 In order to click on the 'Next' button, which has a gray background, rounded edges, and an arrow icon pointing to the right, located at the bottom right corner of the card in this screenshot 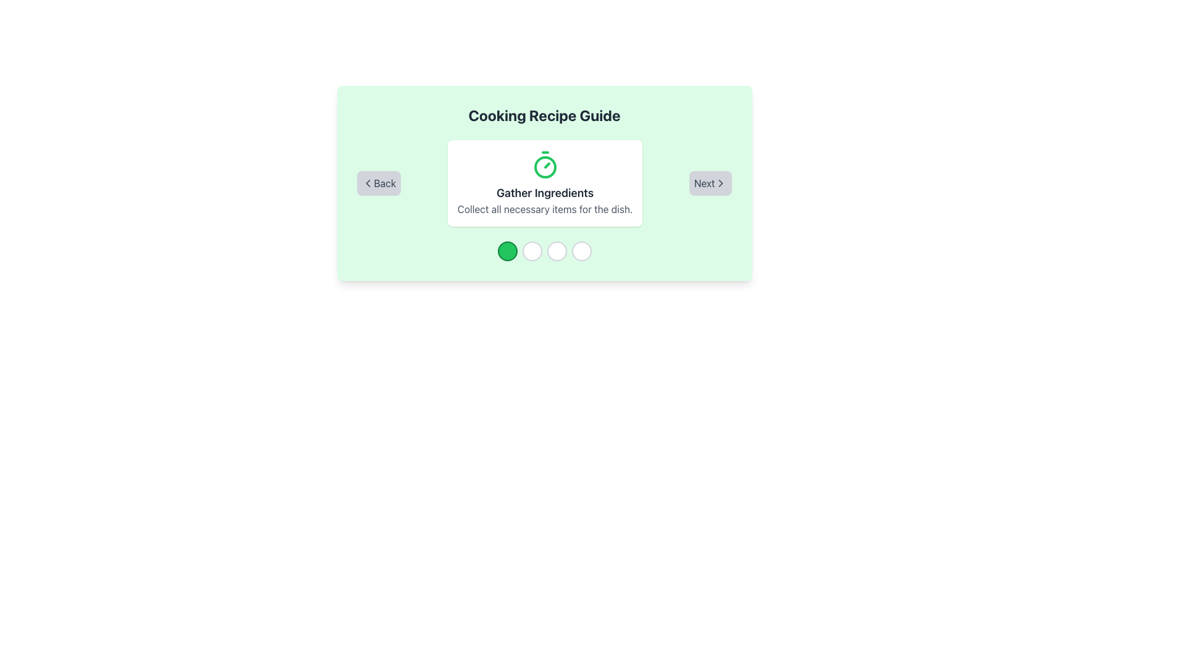, I will do `click(710, 183)`.